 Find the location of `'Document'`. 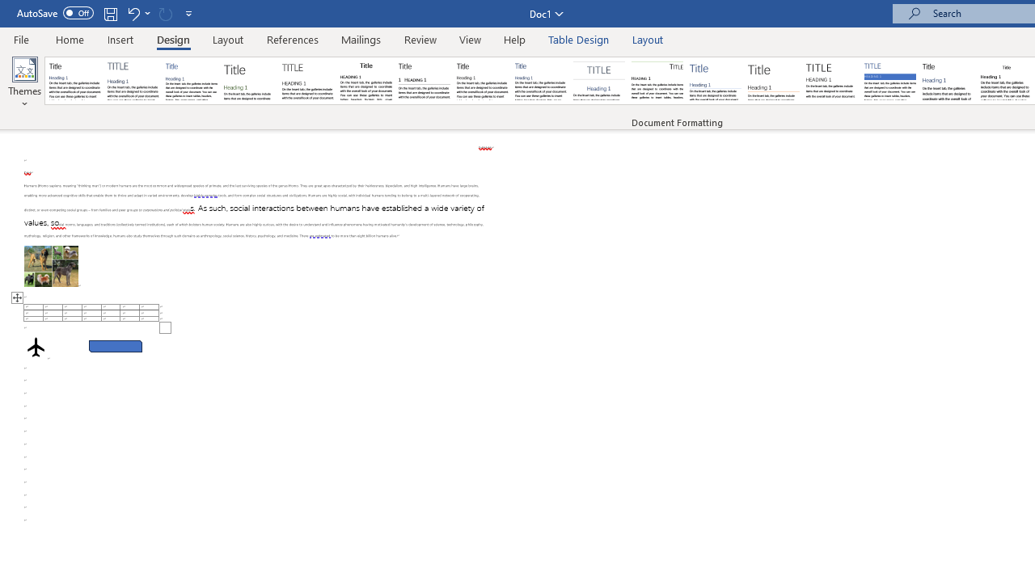

'Document' is located at coordinates (74, 81).